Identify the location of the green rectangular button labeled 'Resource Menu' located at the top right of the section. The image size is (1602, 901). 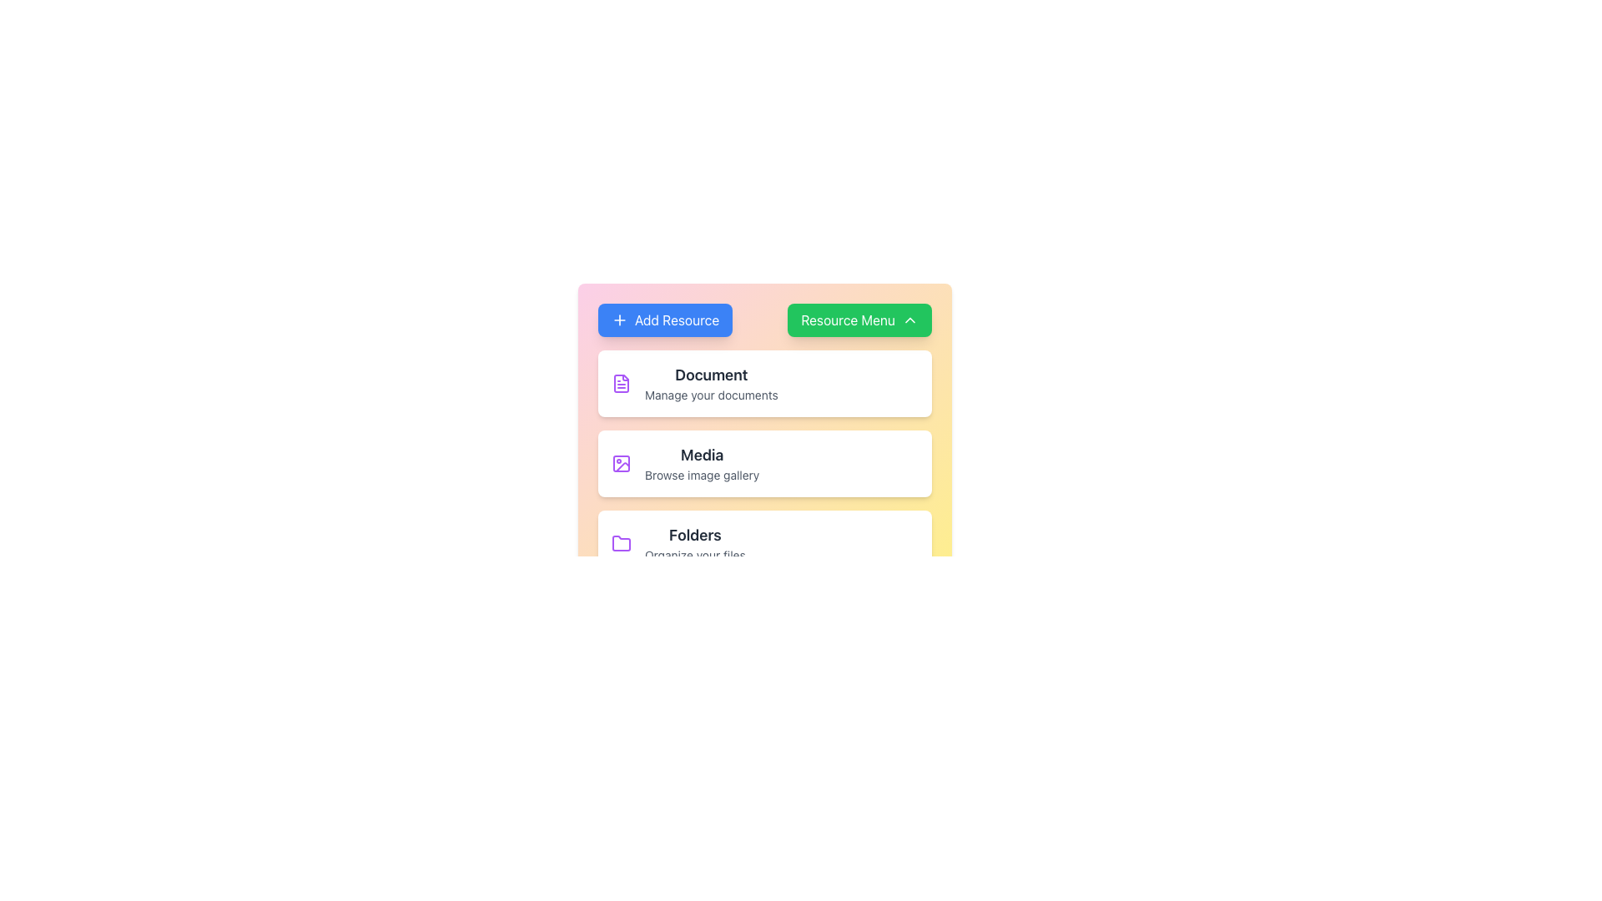
(859, 320).